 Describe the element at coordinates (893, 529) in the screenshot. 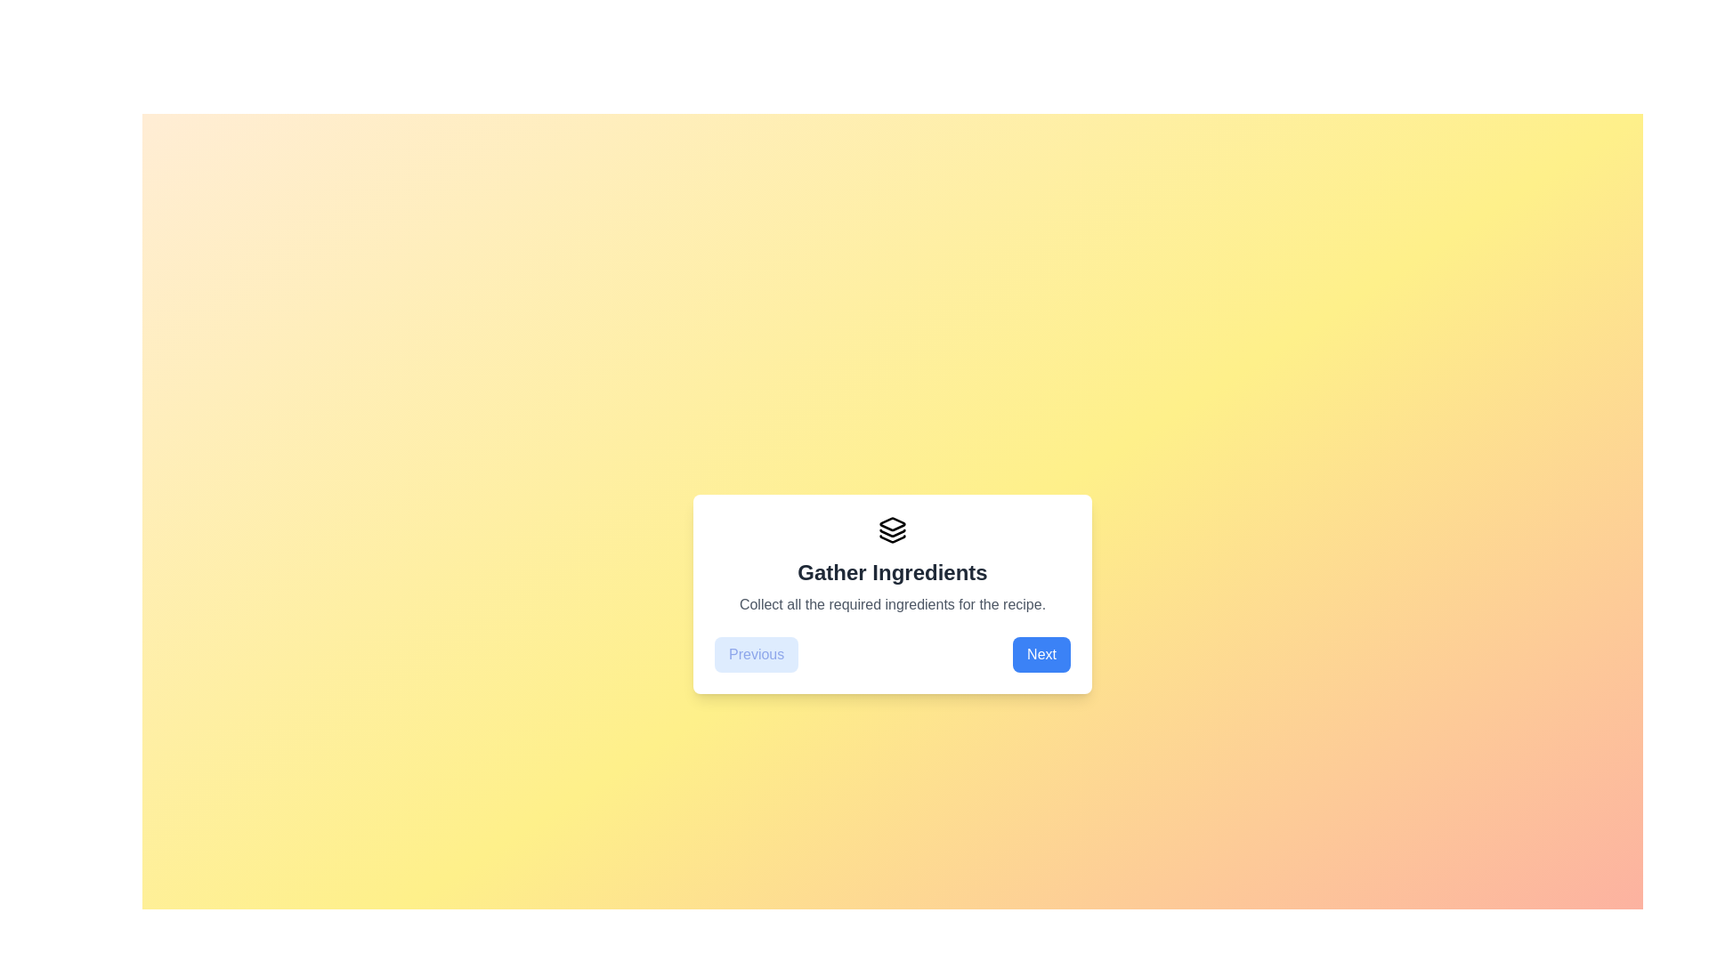

I see `the icon representing the current step to observe its details` at that location.